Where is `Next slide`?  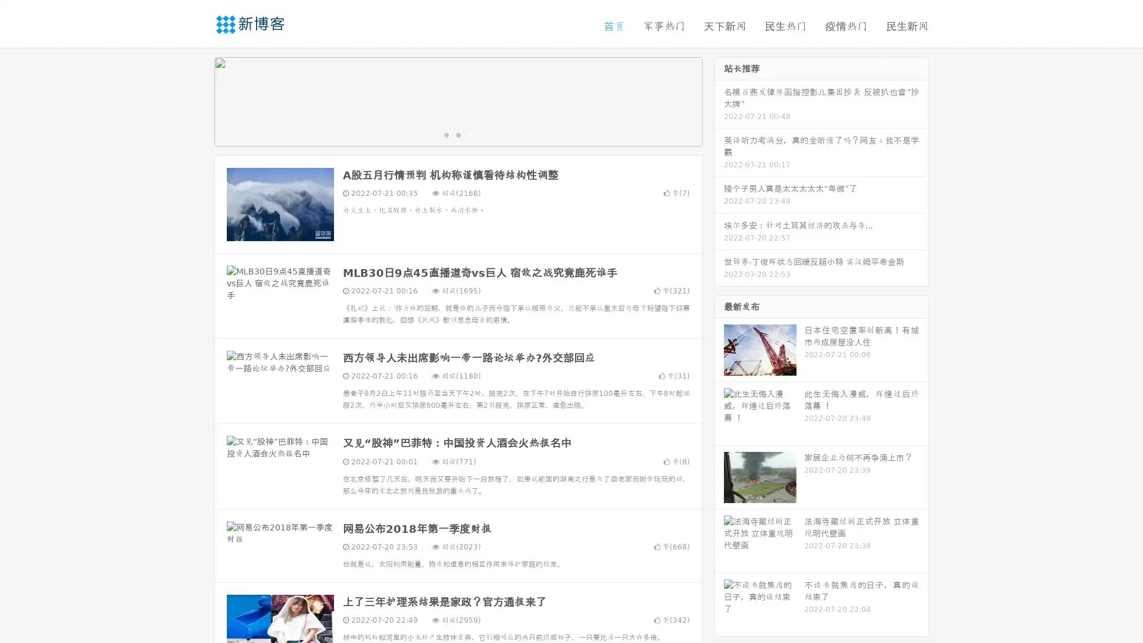 Next slide is located at coordinates (719, 100).